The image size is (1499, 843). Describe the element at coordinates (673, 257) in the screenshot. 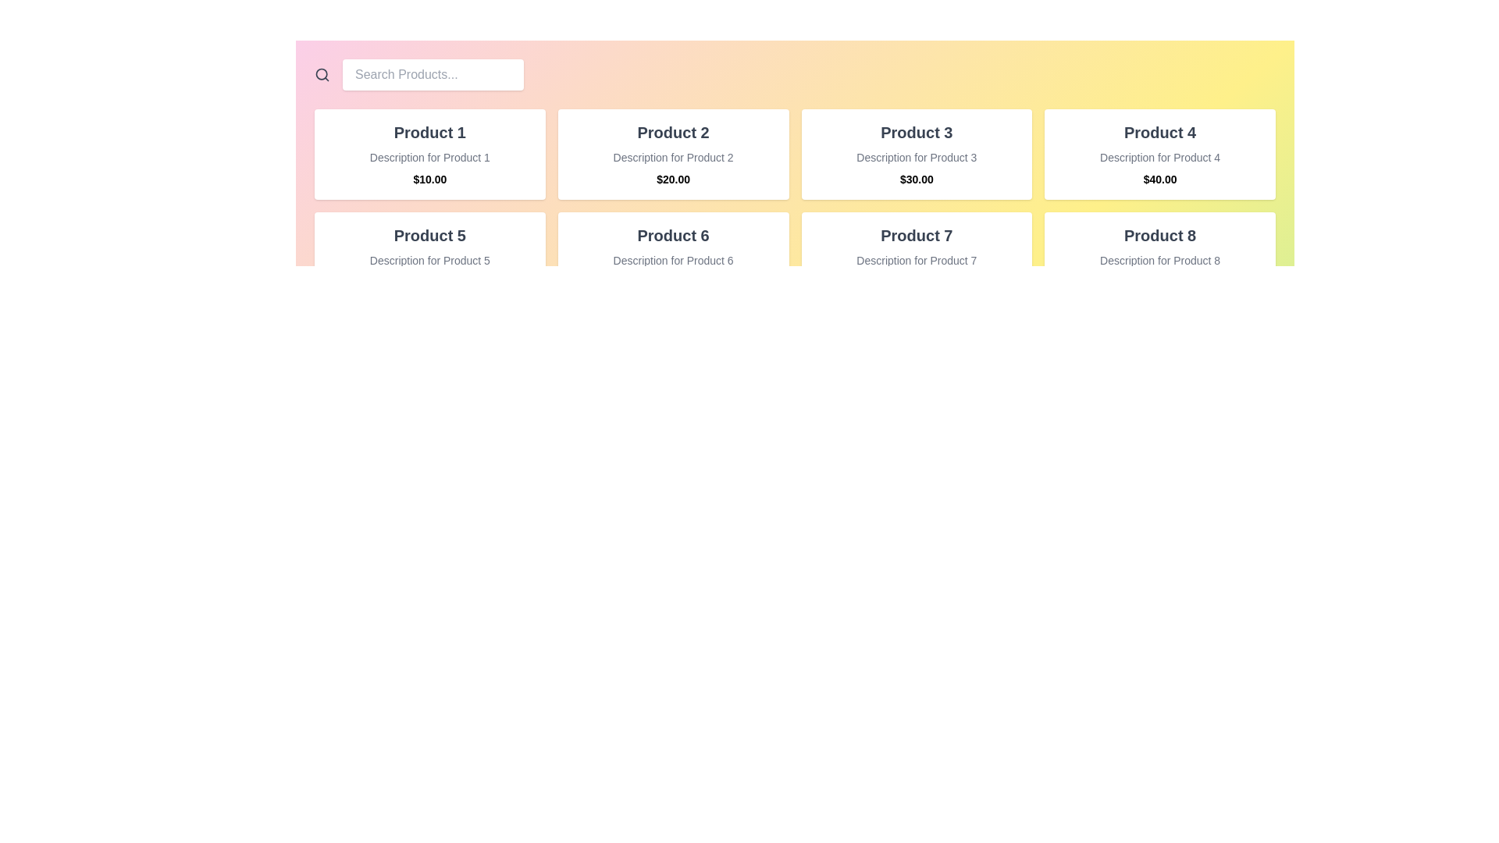

I see `the product information card that displays details about a product, located in the second row and second column of a 4-column grid layout` at that location.